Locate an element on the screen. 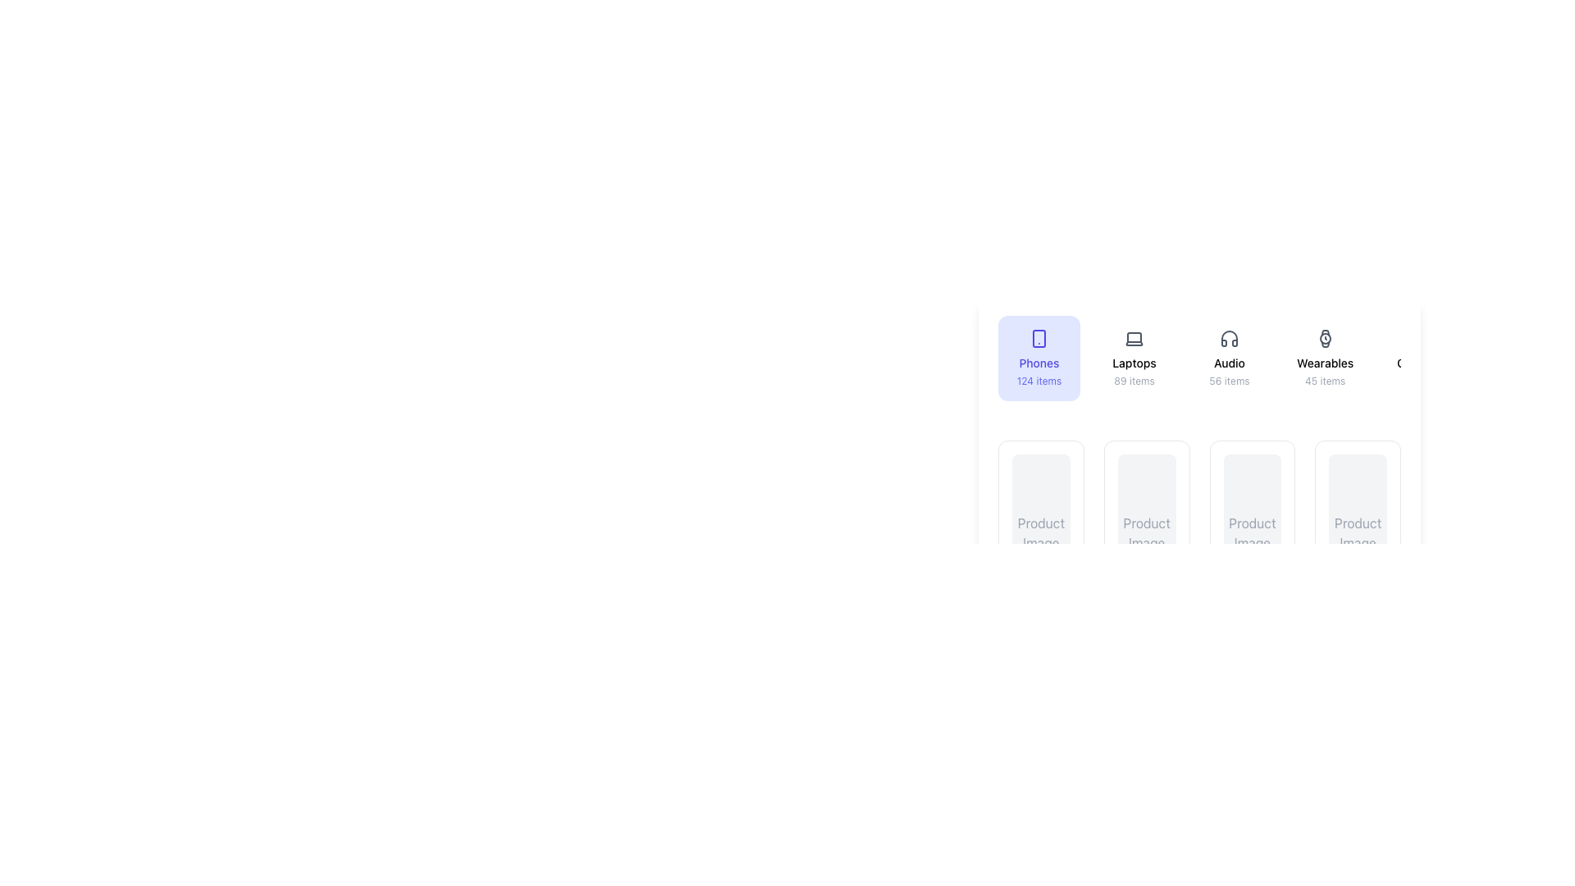 This screenshot has height=886, width=1575. the text label displaying '45 items' located beneath the 'Wearables' label in the top row of categories is located at coordinates (1325, 381).